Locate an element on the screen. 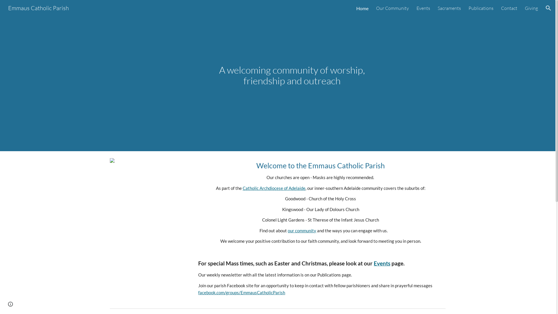 This screenshot has width=558, height=314. 'Events' is located at coordinates (382, 263).